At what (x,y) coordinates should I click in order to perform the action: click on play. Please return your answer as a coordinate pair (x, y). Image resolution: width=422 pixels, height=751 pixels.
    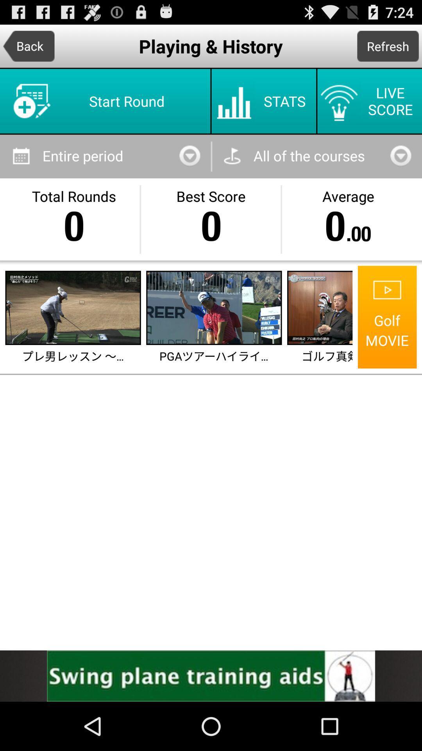
    Looking at the image, I should click on (73, 307).